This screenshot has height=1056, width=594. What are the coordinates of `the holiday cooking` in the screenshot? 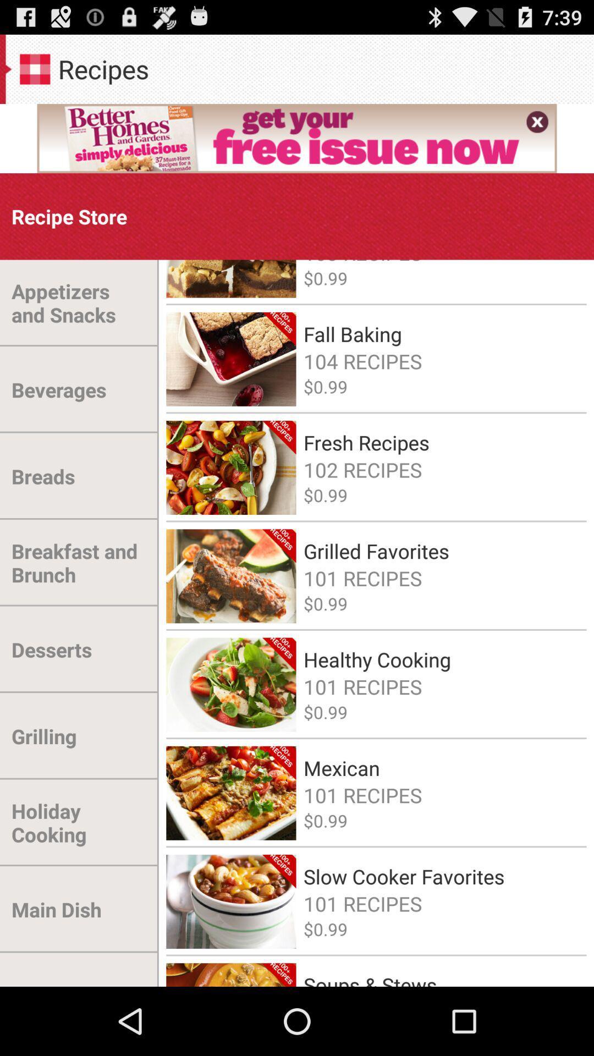 It's located at (79, 823).